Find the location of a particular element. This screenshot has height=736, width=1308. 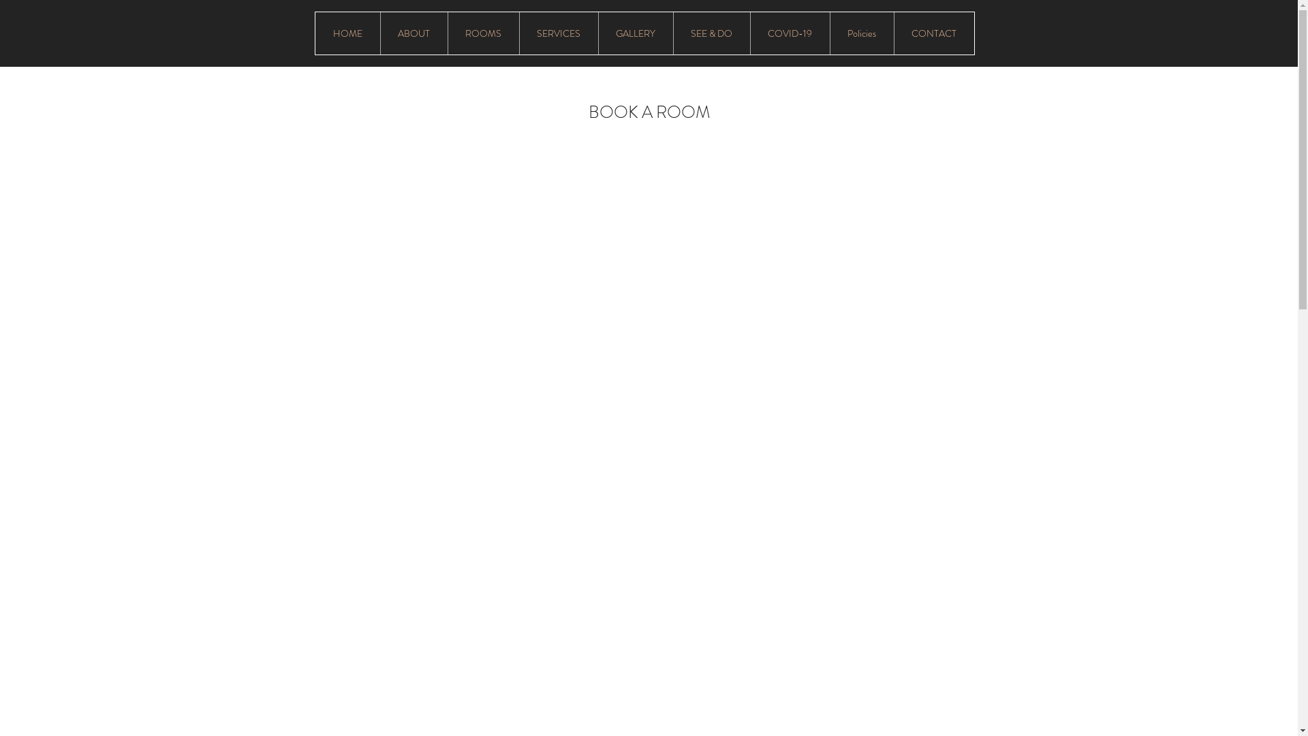

'GALLERY' is located at coordinates (598, 33).